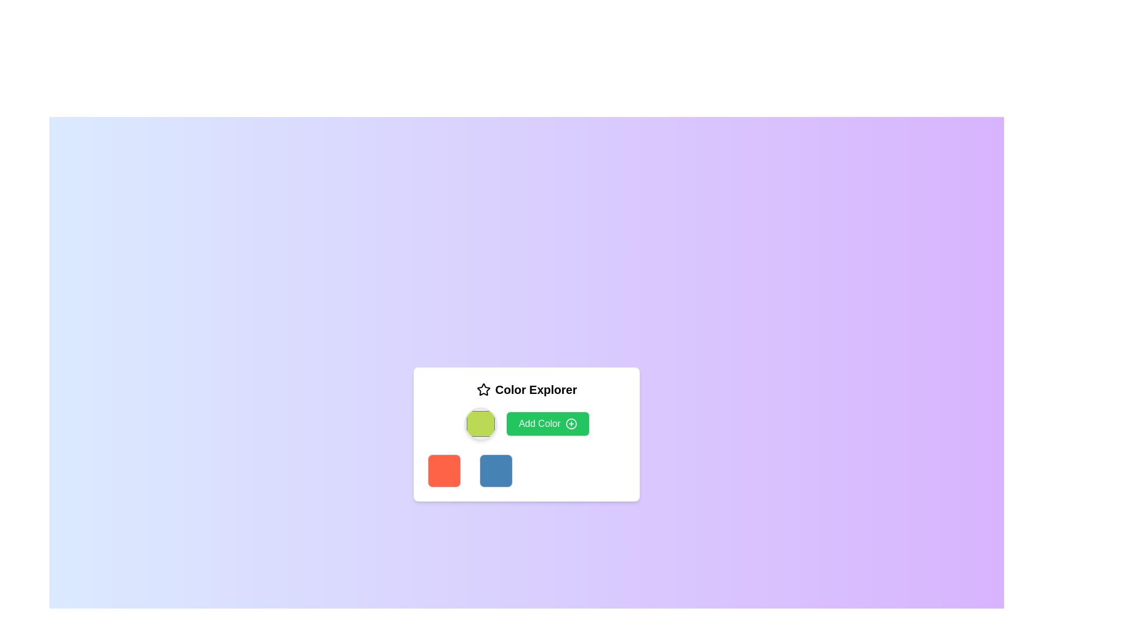 This screenshot has width=1130, height=635. I want to click on the circular icon with a green outline and a plus symbol inside the 'Add Color' button, so click(571, 424).